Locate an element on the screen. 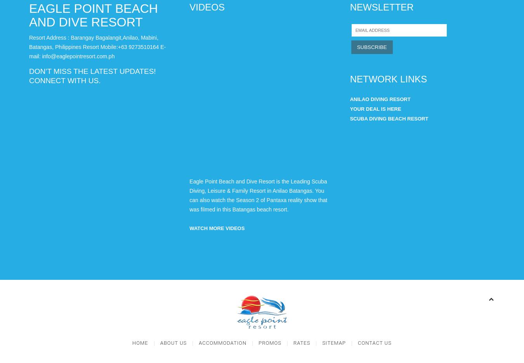  'Sitemap' is located at coordinates (334, 342).